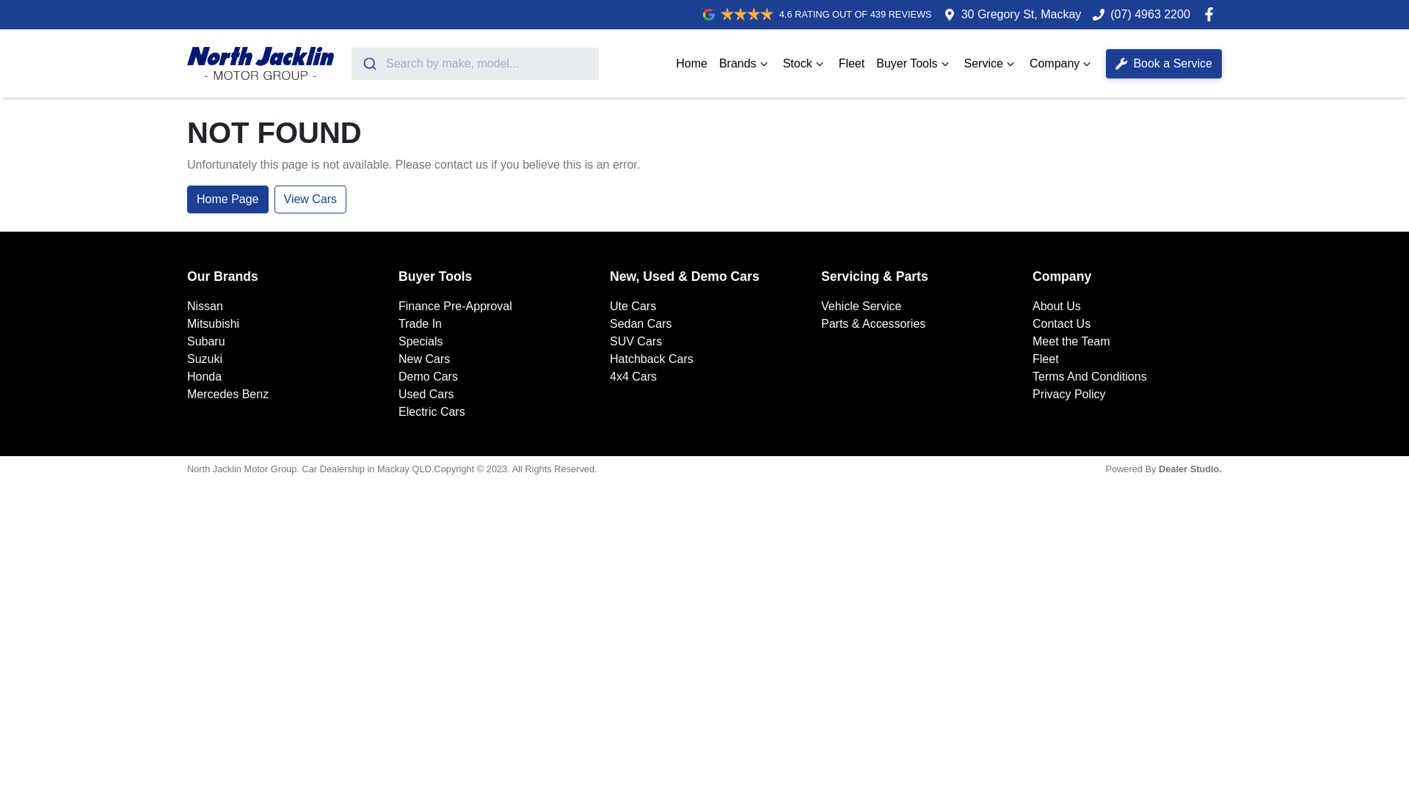 This screenshot has height=792, width=1409. What do you see at coordinates (852, 62) in the screenshot?
I see `'Fleet'` at bounding box center [852, 62].